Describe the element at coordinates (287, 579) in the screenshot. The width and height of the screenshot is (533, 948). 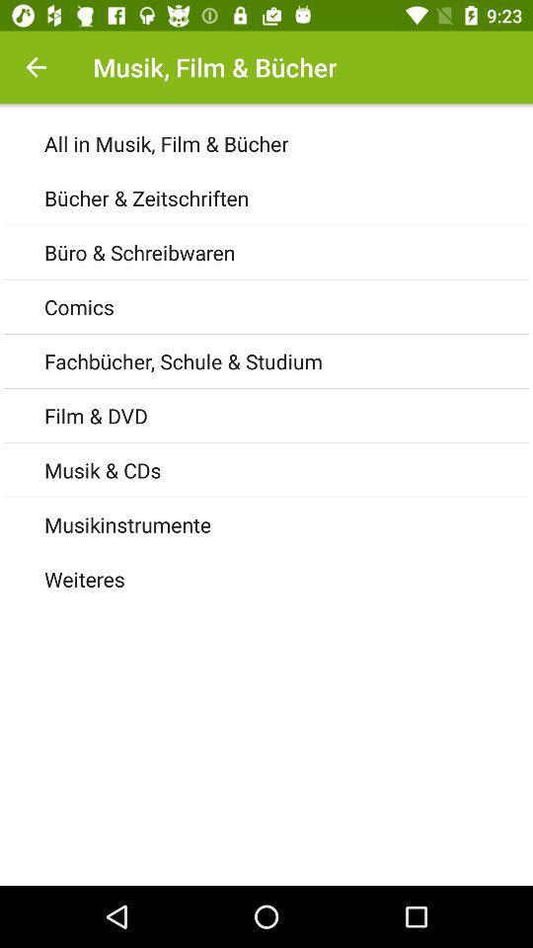
I see `weiteres icon` at that location.